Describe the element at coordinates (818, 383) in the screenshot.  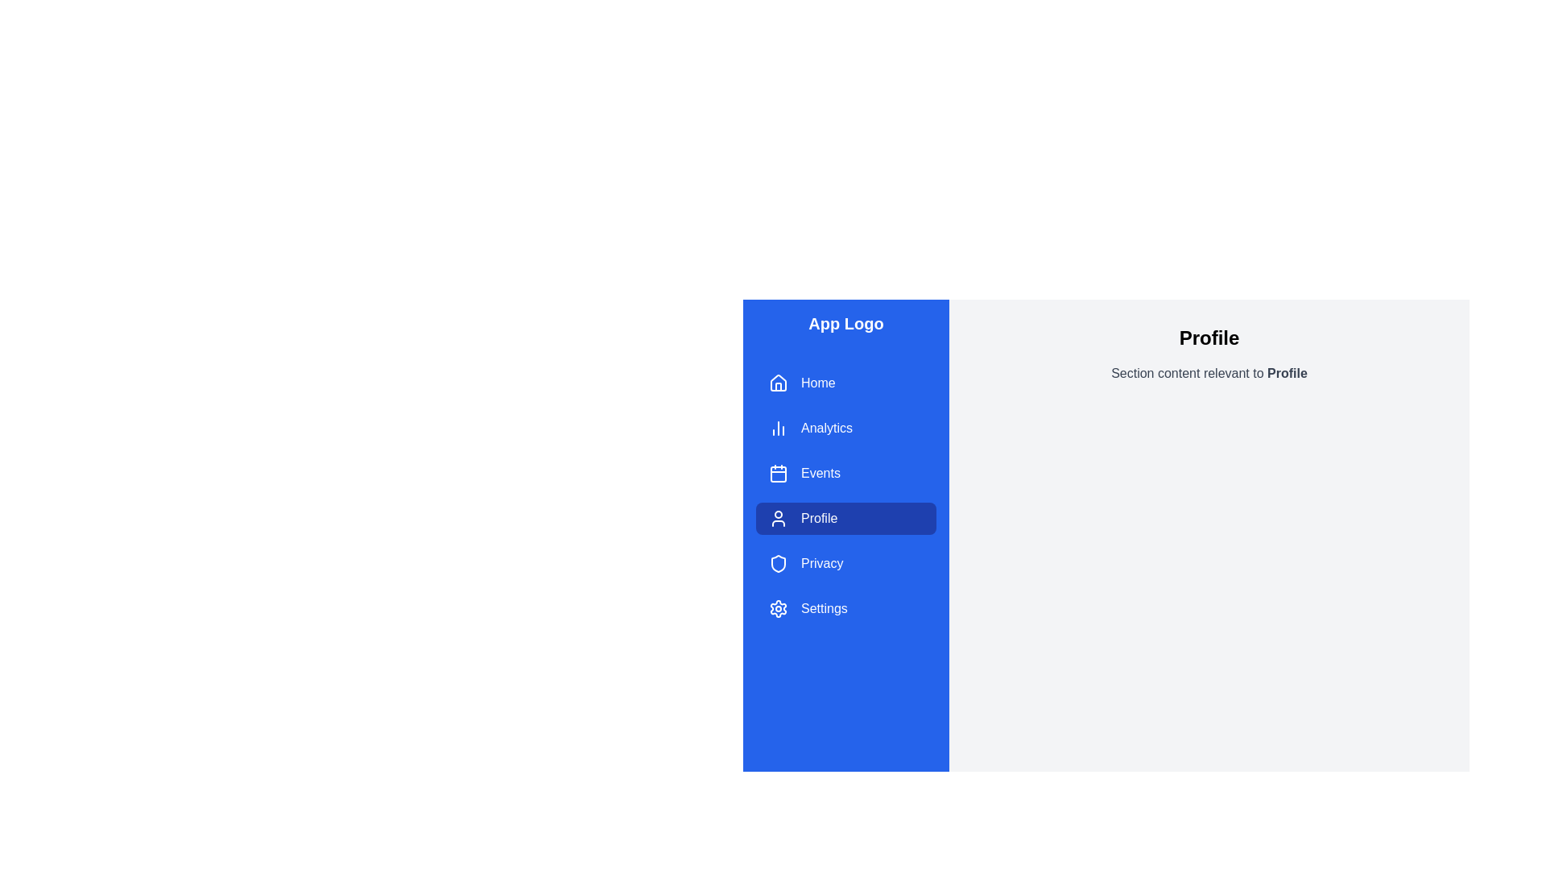
I see `the 'Home' text label in the navigation sidebar, which indicates the homepage or dashboard of the application` at that location.